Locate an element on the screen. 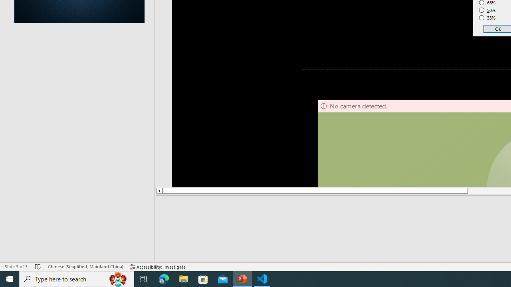  '50%' is located at coordinates (487, 10).